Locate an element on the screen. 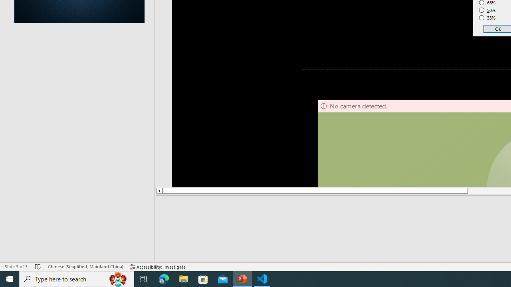  '50%' is located at coordinates (487, 10).